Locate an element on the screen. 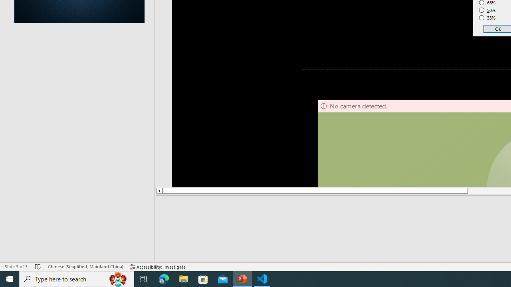  '50%' is located at coordinates (487, 10).